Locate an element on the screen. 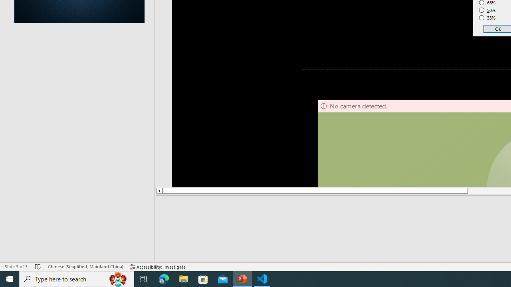  '50%' is located at coordinates (487, 10).